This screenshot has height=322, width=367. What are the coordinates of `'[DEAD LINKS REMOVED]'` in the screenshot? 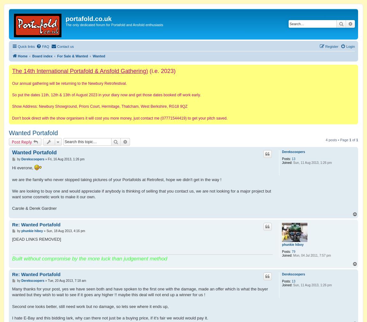 It's located at (36, 238).